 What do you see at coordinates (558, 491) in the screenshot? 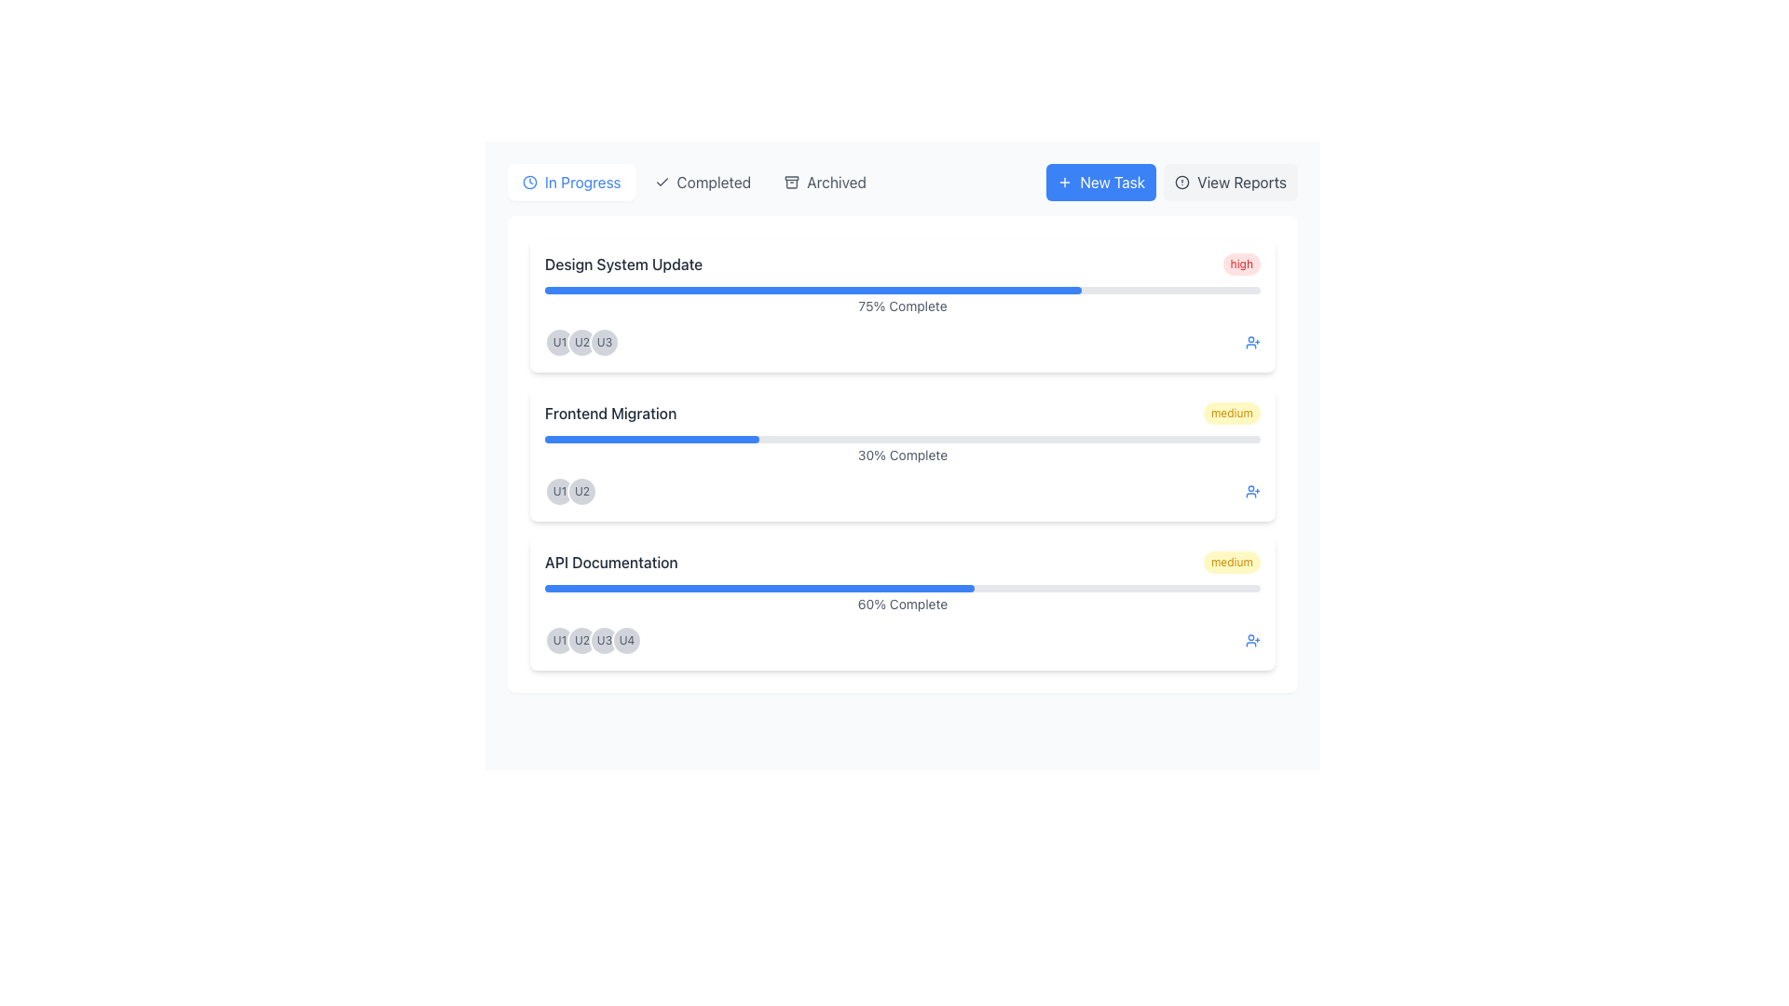
I see `the circular button-like element displaying the text 'U1', which is styled with a small font size and light gray color, located in the lower section of the 'Design System Update' task segment` at bounding box center [558, 491].